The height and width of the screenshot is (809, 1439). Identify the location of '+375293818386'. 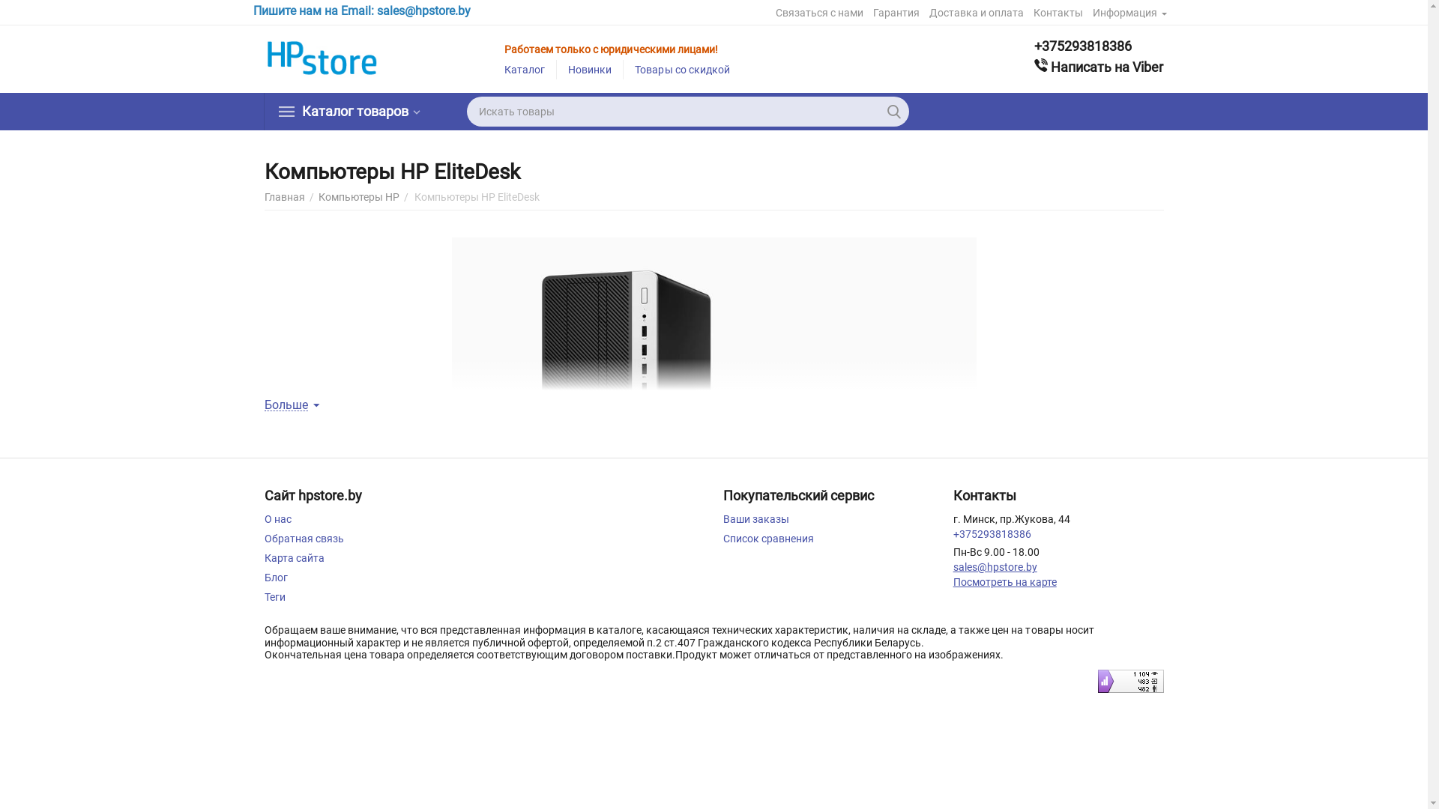
(1098, 45).